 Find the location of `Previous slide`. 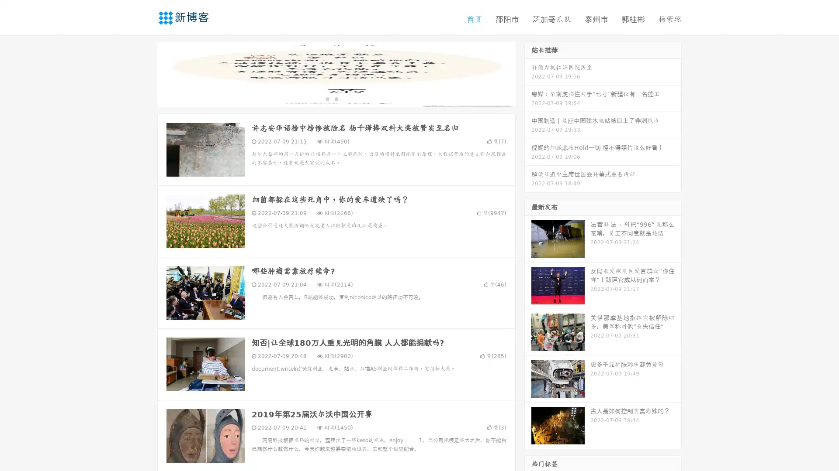

Previous slide is located at coordinates (144, 73).